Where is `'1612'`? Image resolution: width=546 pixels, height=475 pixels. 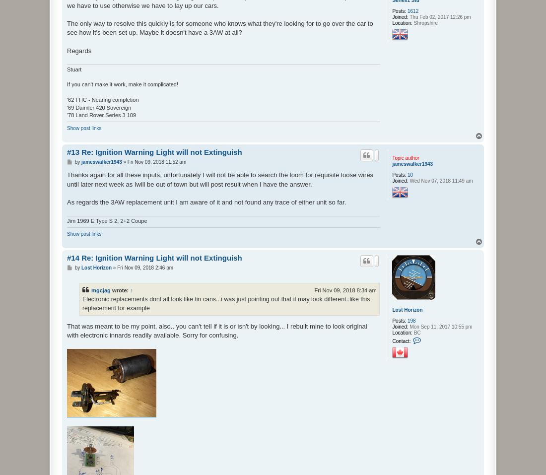 '1612' is located at coordinates (412, 10).